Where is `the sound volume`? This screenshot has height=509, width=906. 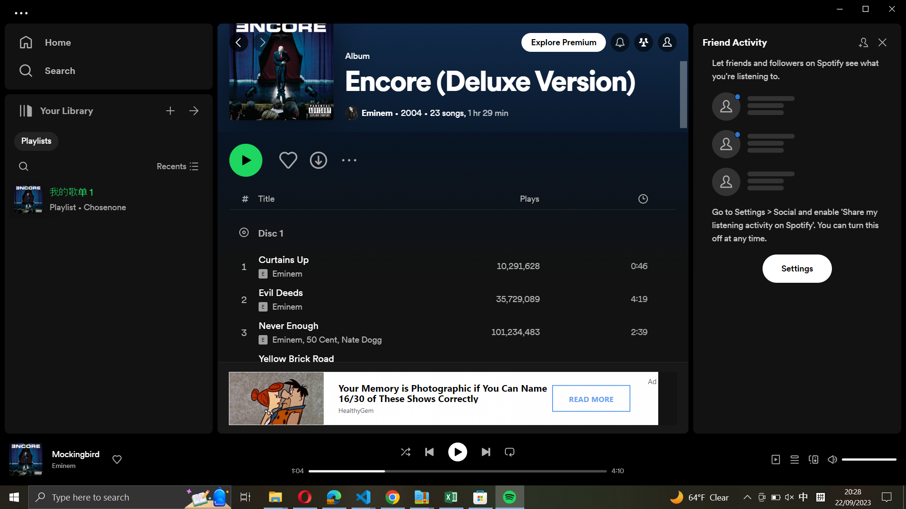 the sound volume is located at coordinates (847, 458).